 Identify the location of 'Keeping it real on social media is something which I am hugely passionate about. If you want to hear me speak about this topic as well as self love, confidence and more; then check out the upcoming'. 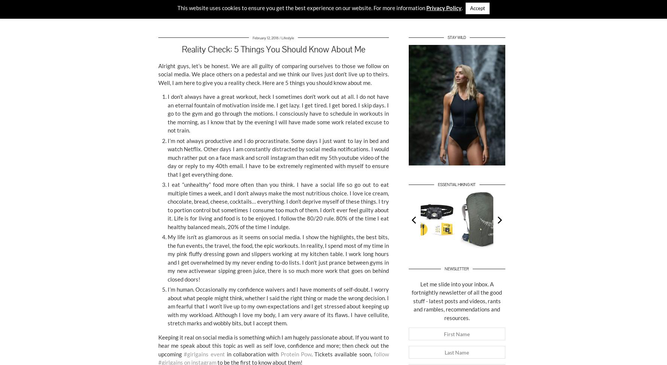
(158, 345).